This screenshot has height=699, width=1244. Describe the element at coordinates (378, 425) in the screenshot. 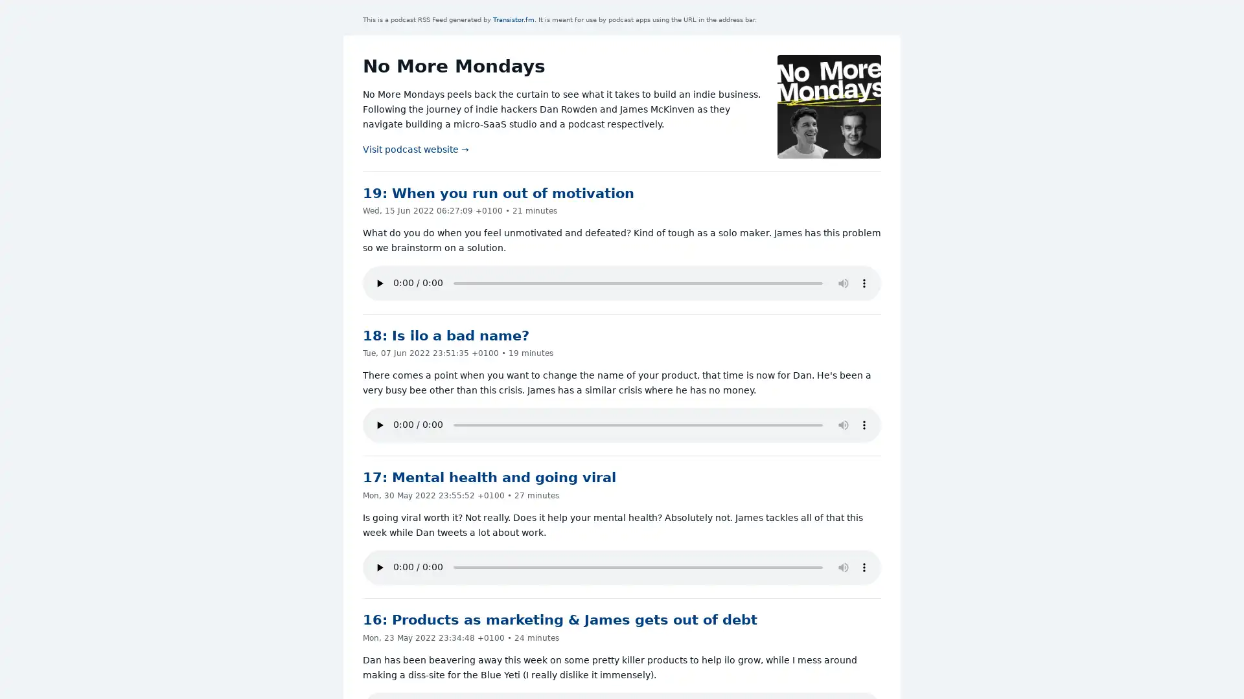

I see `play` at that location.